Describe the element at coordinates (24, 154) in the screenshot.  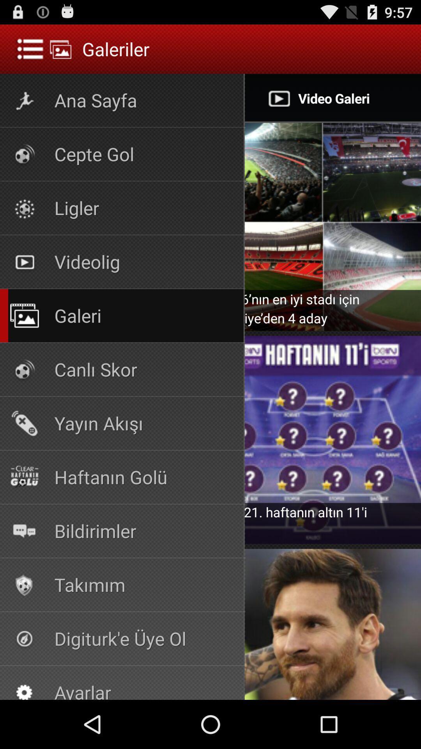
I see `the icon  which is below the text ana sayfa` at that location.